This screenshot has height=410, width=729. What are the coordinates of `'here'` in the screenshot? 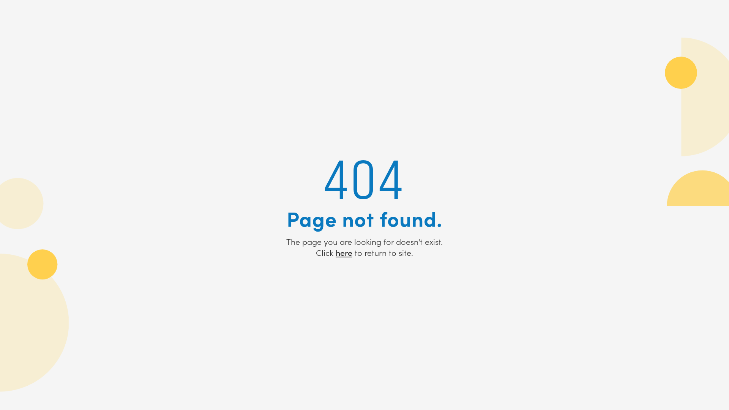 It's located at (344, 252).